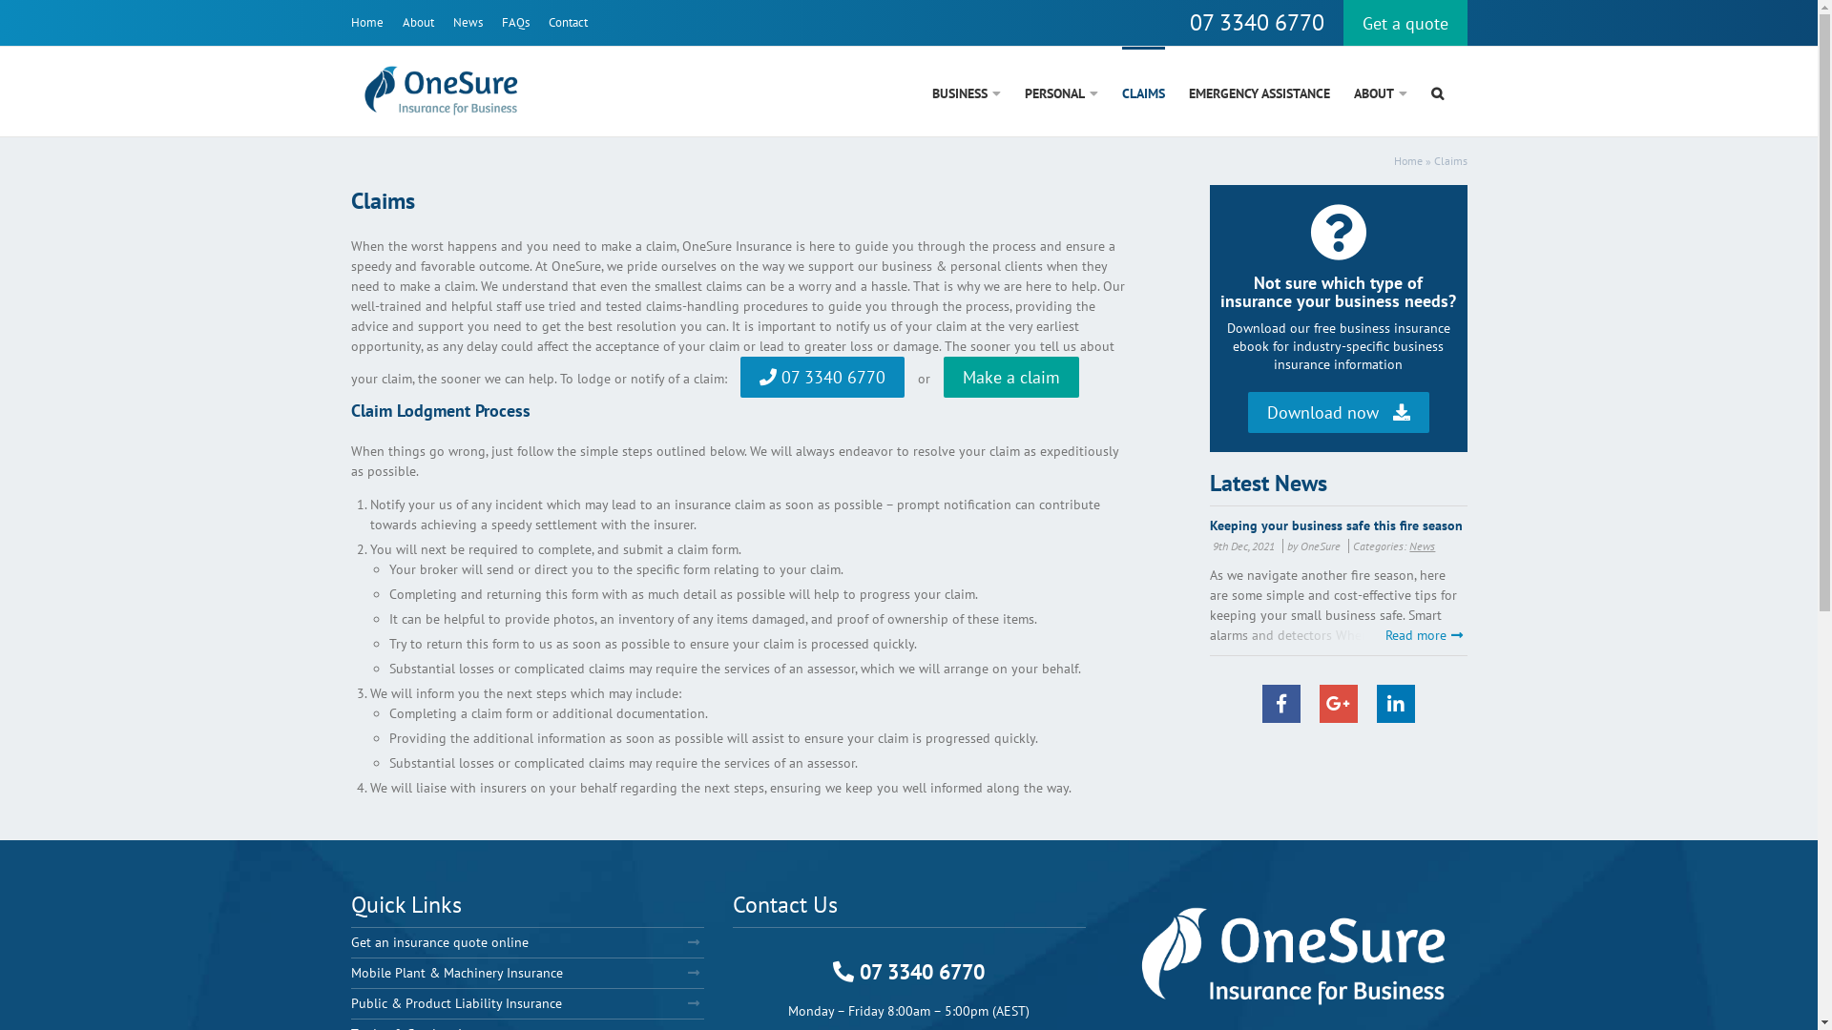 Image resolution: width=1832 pixels, height=1030 pixels. What do you see at coordinates (566, 22) in the screenshot?
I see `'Contact'` at bounding box center [566, 22].